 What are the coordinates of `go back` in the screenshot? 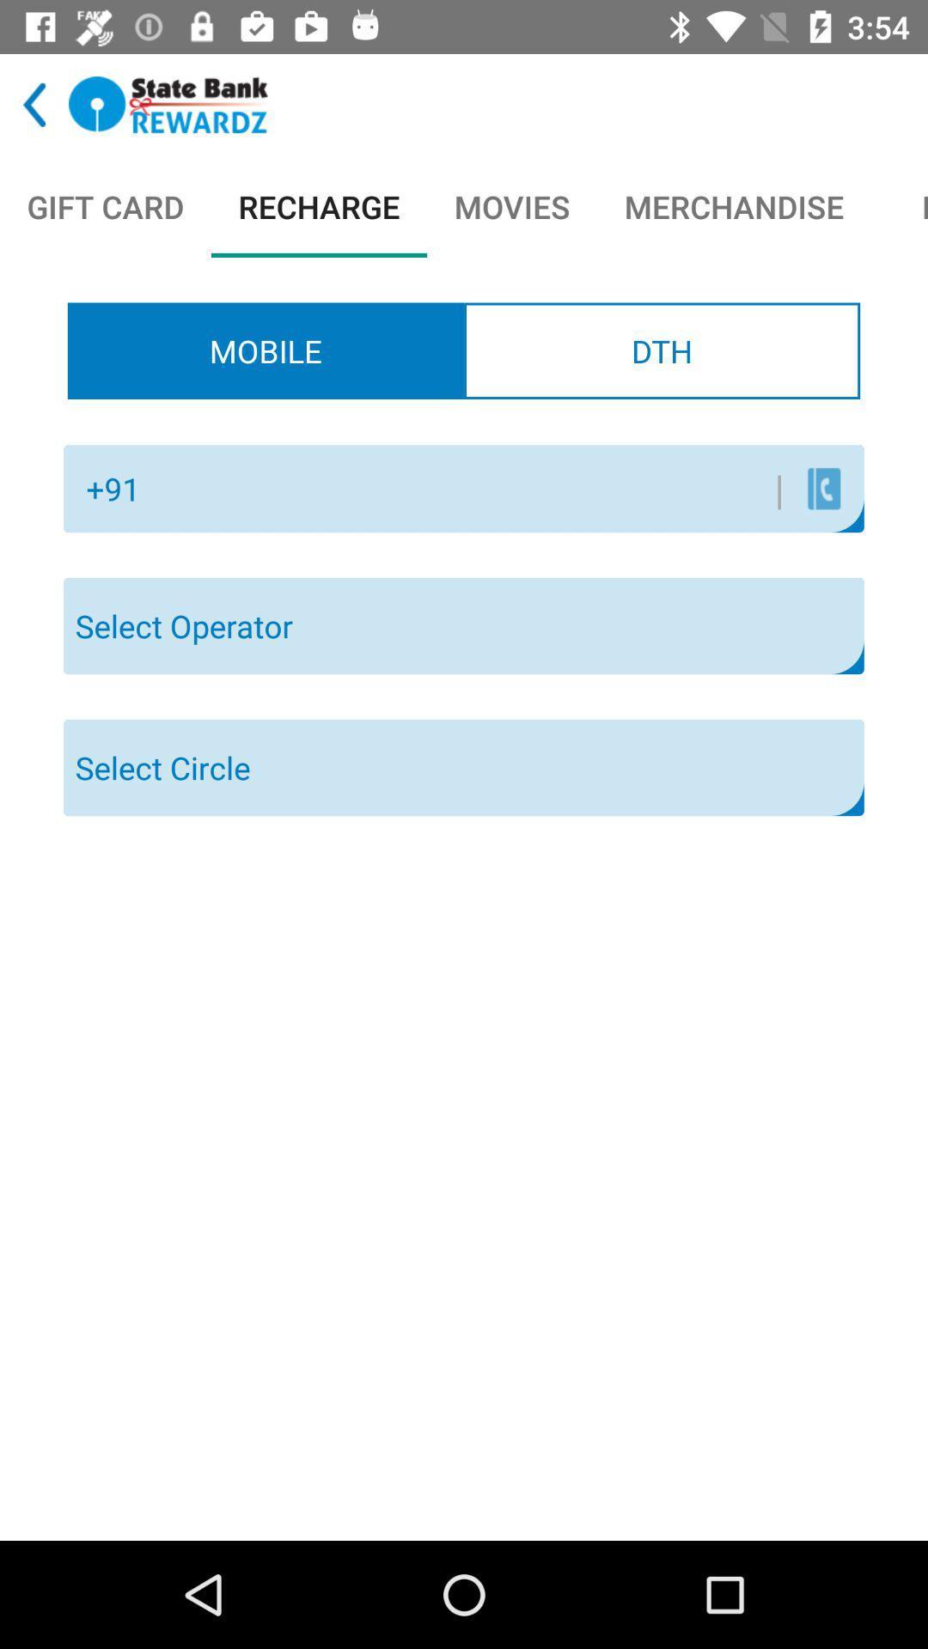 It's located at (34, 104).